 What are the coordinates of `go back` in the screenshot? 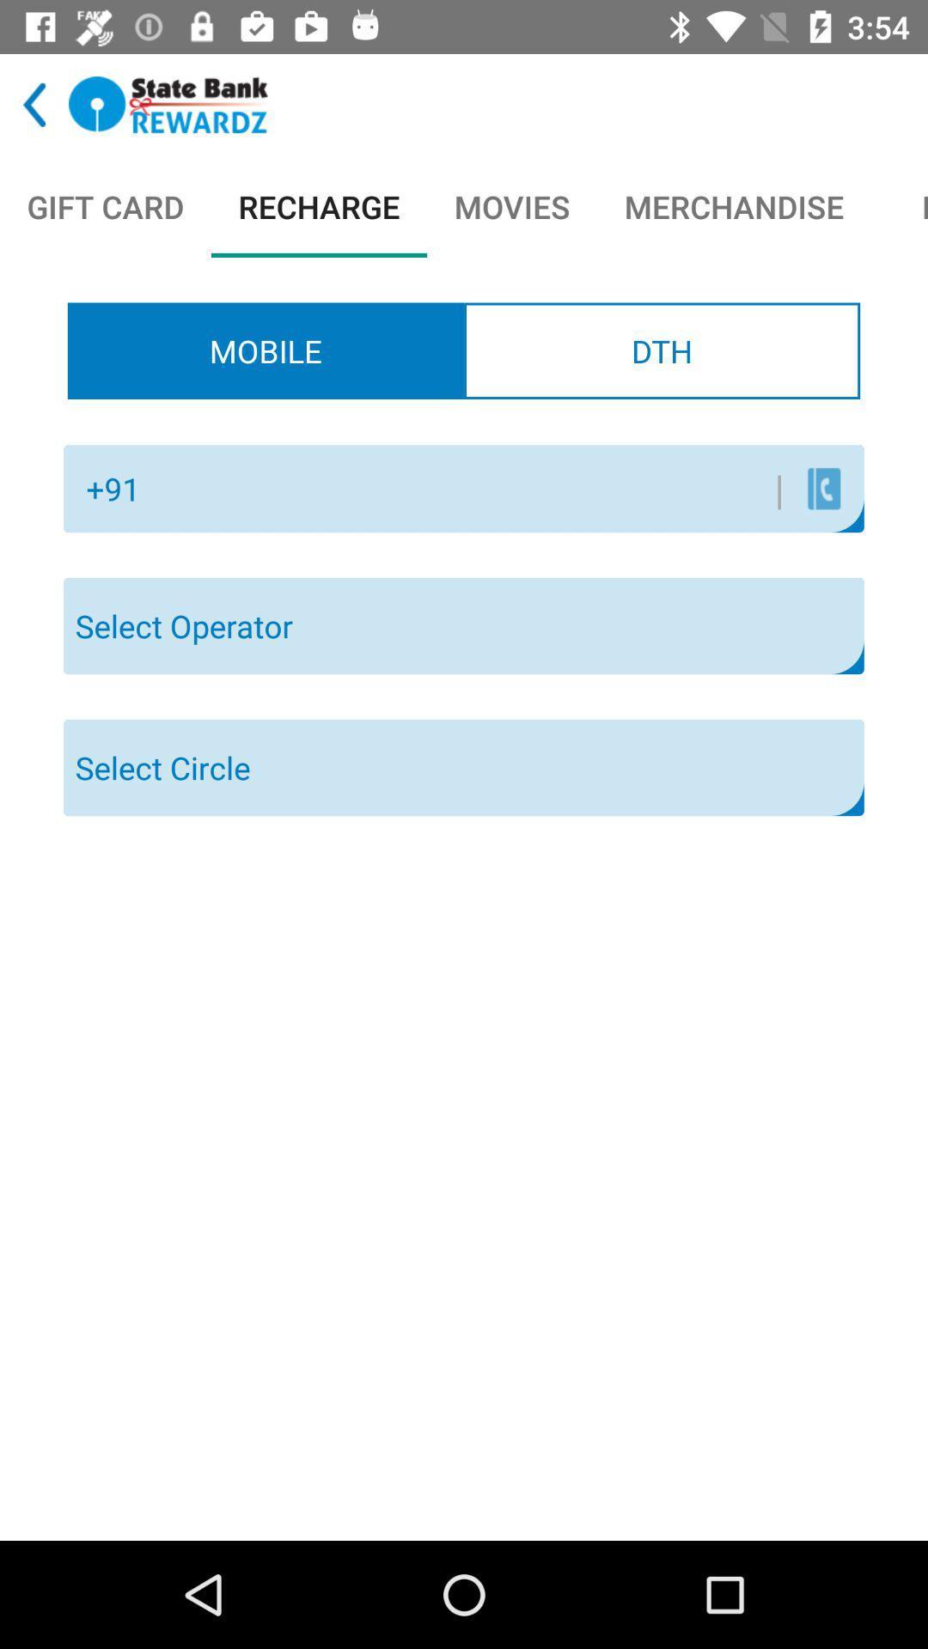 It's located at (34, 104).